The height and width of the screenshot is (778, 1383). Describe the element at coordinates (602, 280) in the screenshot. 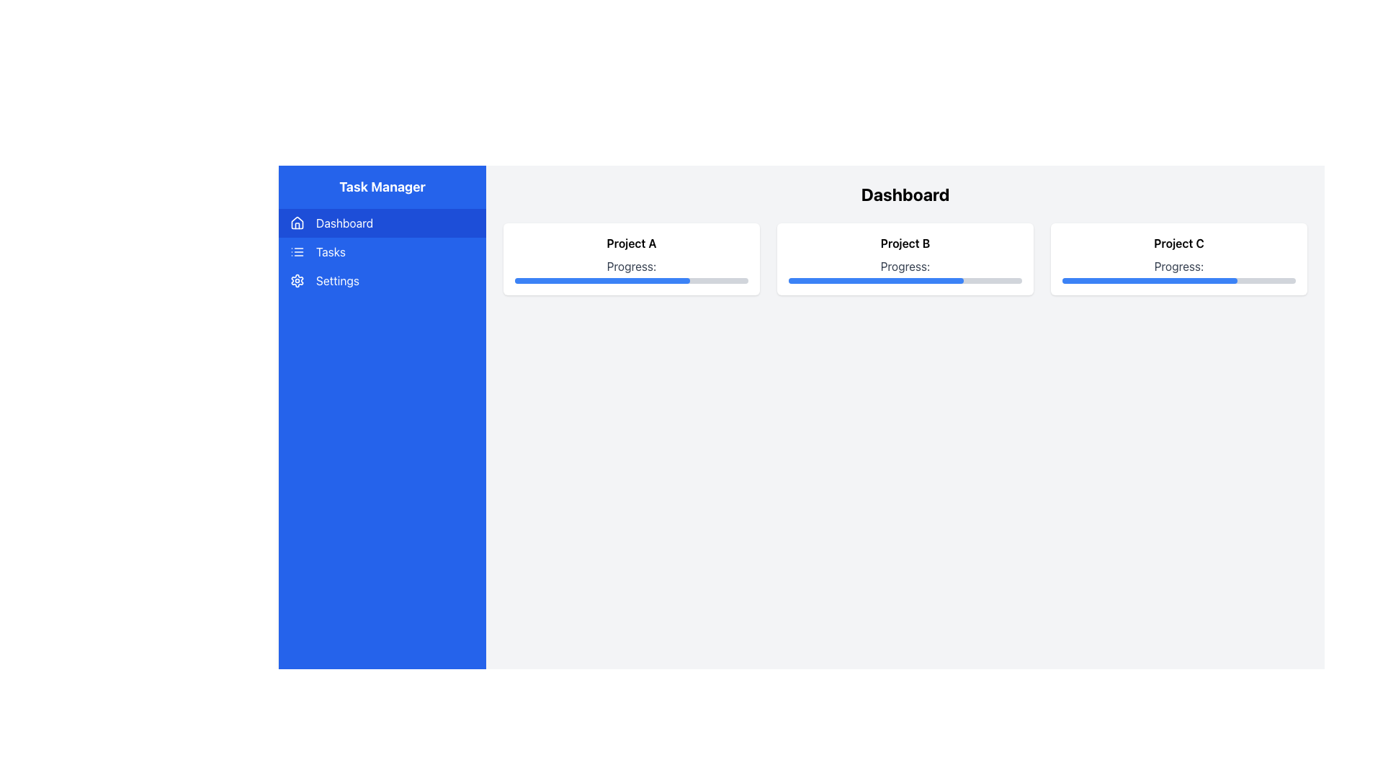

I see `the Progress Indicator for 'Project A' located in the dashboard section, which visually represents the progress of the project` at that location.